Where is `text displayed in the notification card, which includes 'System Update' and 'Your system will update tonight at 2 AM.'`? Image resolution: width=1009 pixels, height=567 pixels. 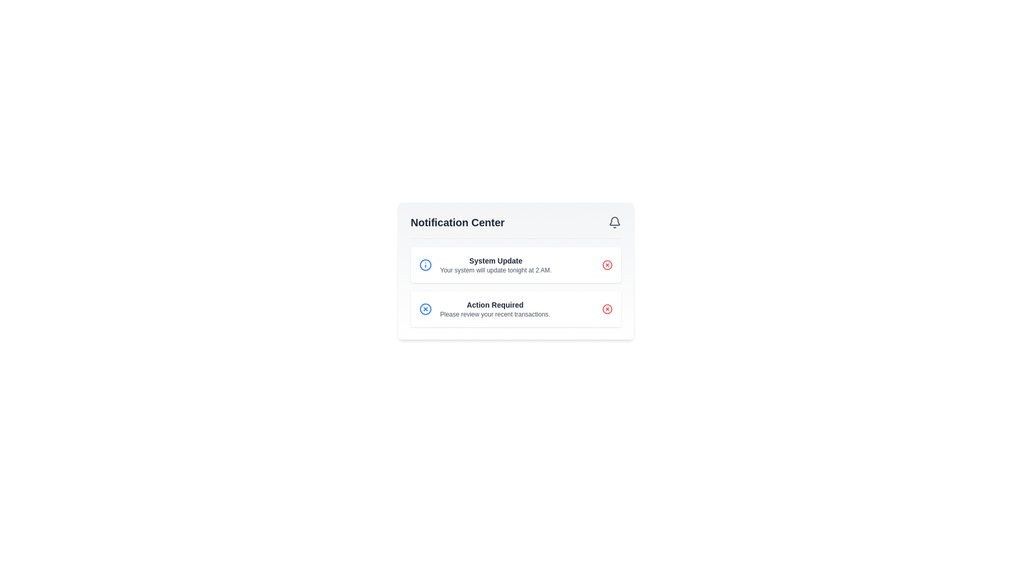 text displayed in the notification card, which includes 'System Update' and 'Your system will update tonight at 2 AM.' is located at coordinates (495, 265).